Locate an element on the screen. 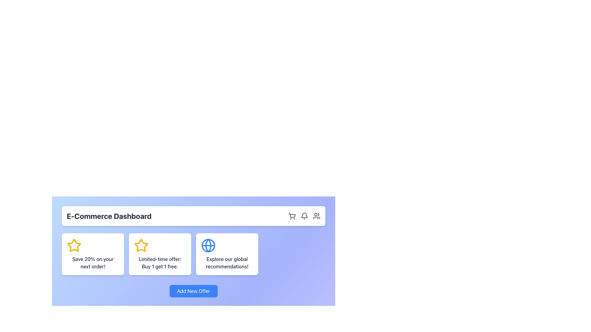  the notification icon represented by a bell, located between the shopping cart icon and the user profile icon in the E-Commerce Dashboard is located at coordinates (304, 215).